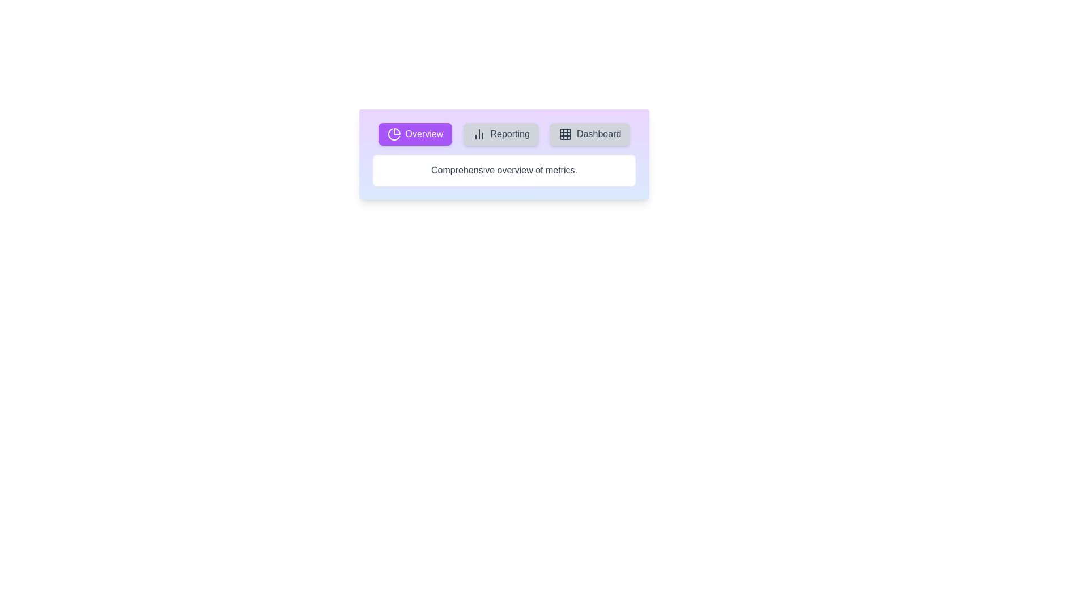 The image size is (1088, 612). I want to click on the tab button containing the icon for Overview, so click(414, 133).